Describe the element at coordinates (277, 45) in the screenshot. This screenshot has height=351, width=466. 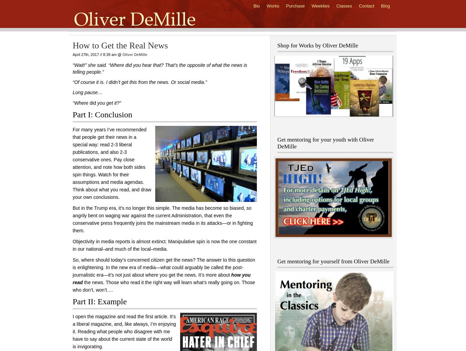
I see `'Shop for Works by Oliver DeMille'` at that location.